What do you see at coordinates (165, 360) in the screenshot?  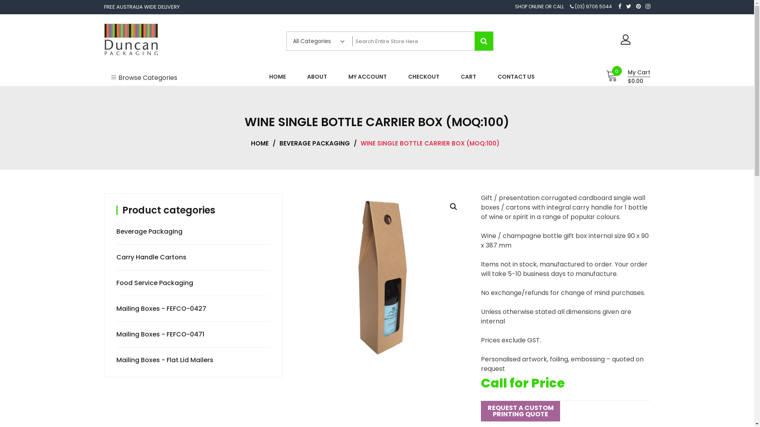 I see `'Mailing Boxes - Flat Lid Mailers'` at bounding box center [165, 360].